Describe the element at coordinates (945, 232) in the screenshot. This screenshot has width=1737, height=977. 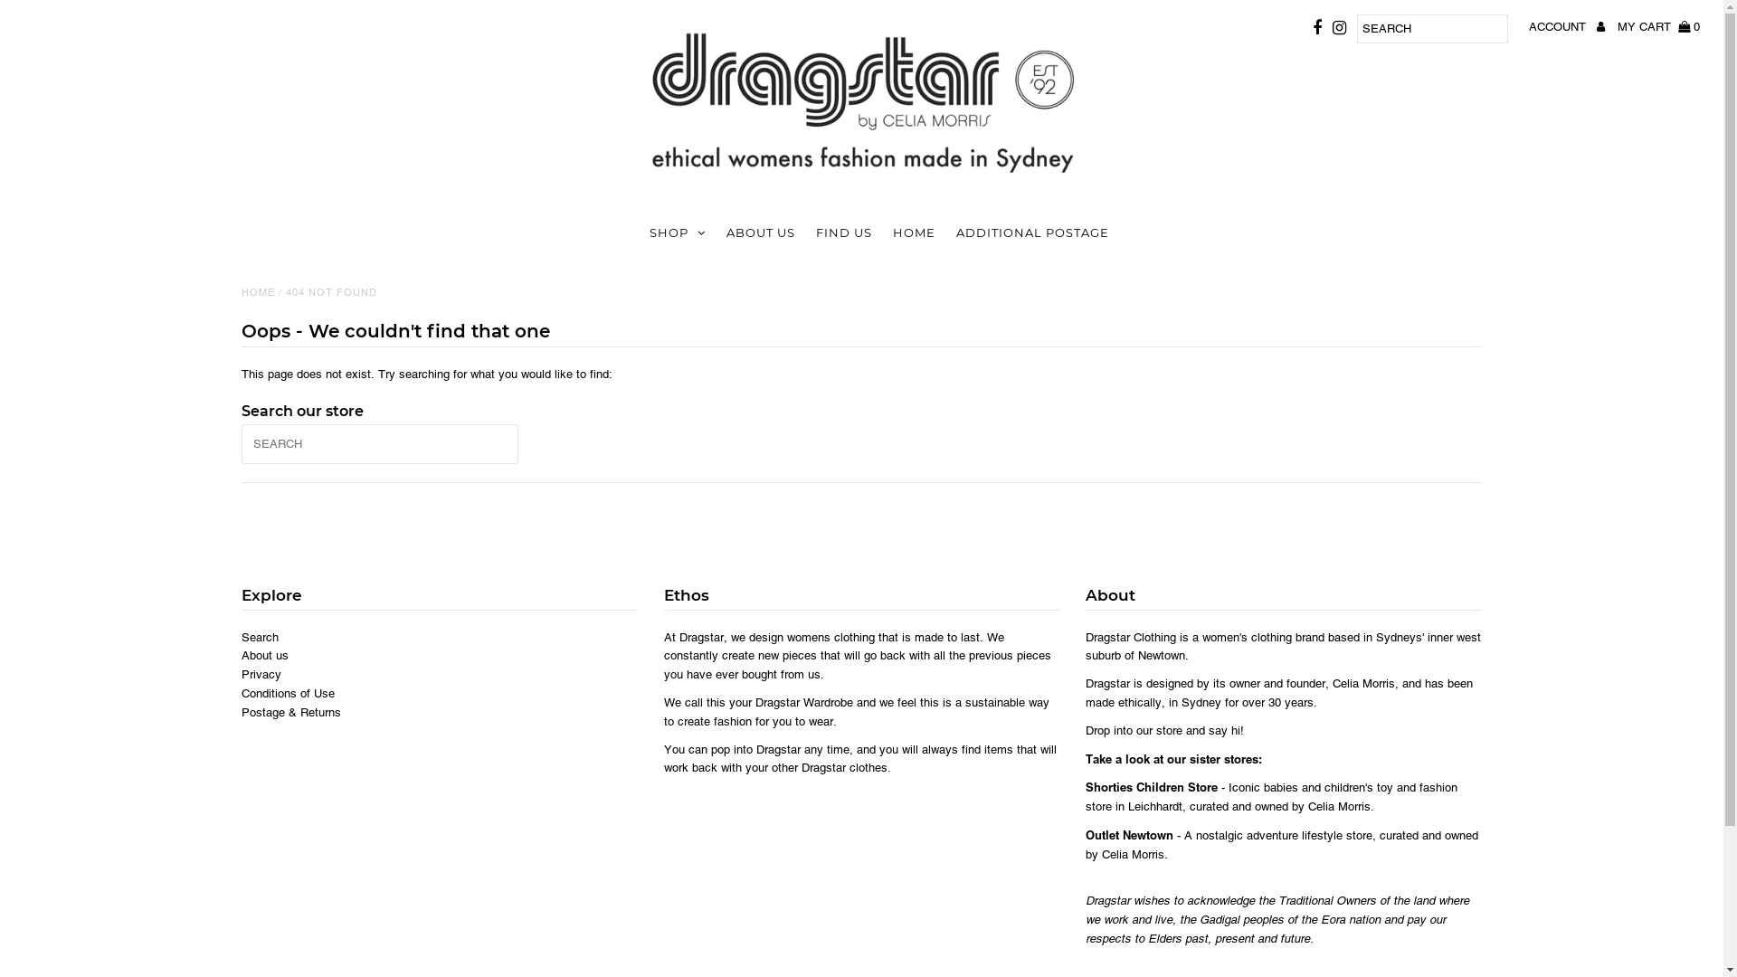
I see `'ADDITIONAL POSTAGE'` at that location.